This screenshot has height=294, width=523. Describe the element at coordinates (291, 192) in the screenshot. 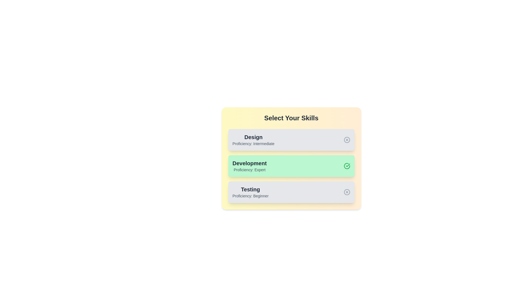

I see `the skill card for Testing` at that location.